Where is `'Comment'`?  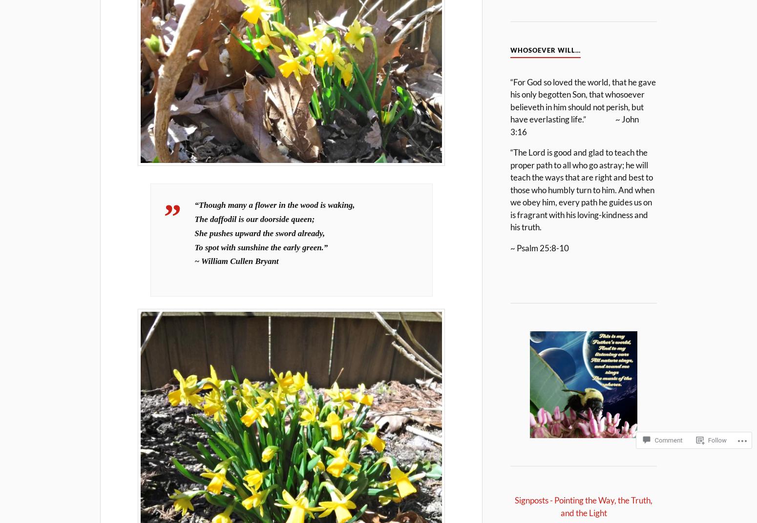
'Comment' is located at coordinates (654, 439).